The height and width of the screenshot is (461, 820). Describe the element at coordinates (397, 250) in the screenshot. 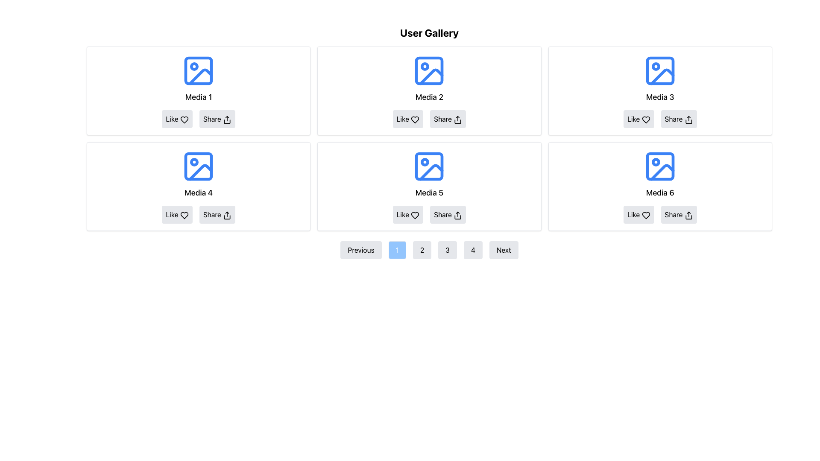

I see `the first page navigation button located between the 'Previous' button and the '2' button in the pagination controls` at that location.